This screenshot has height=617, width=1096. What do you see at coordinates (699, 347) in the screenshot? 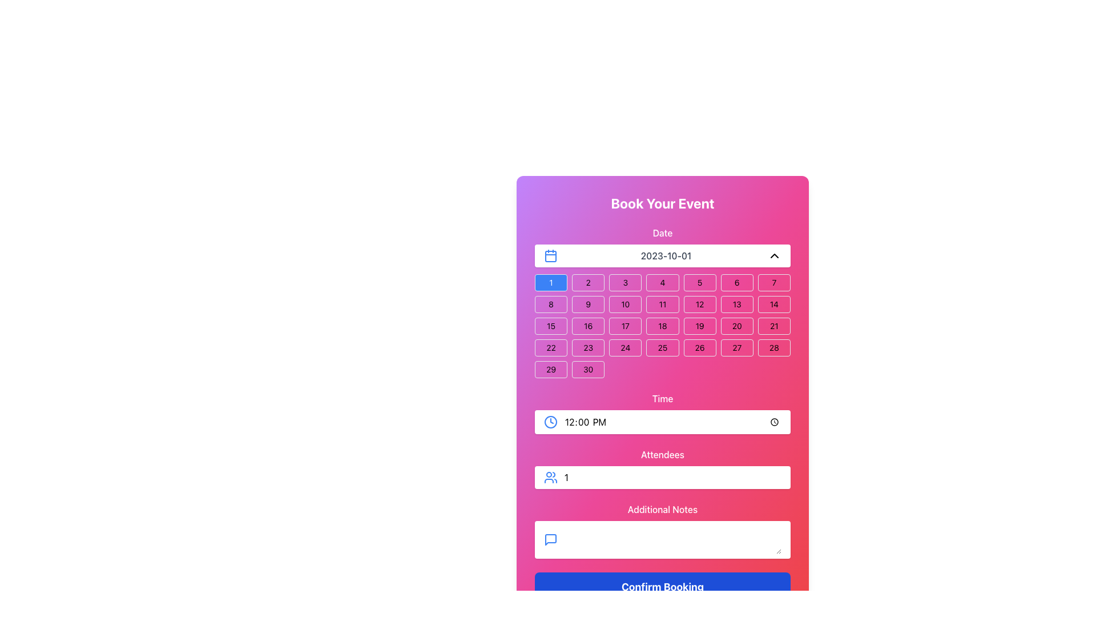
I see `the button representing the date '26' in the calendar` at bounding box center [699, 347].